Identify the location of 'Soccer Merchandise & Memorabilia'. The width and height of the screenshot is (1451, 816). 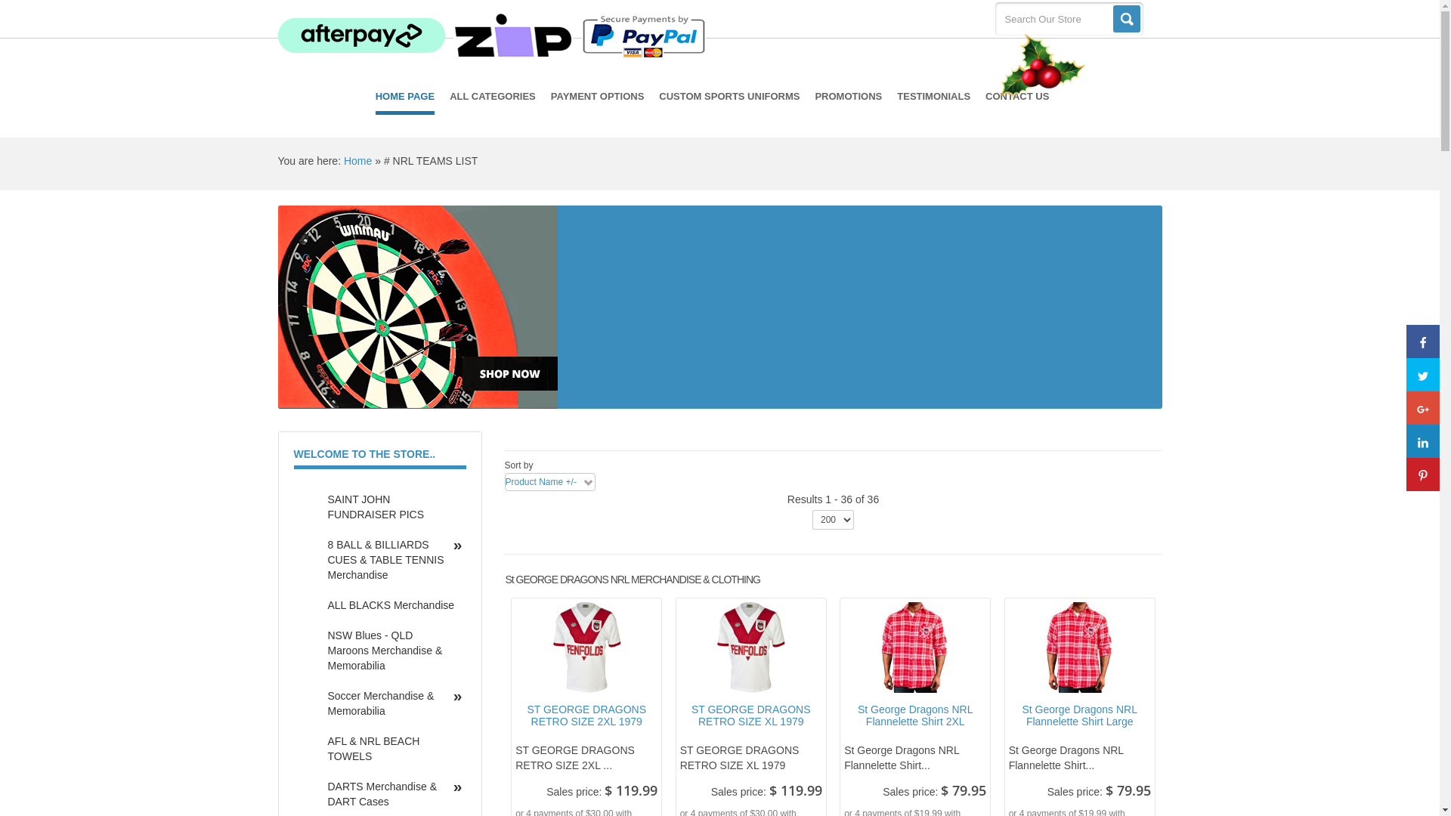
(391, 703).